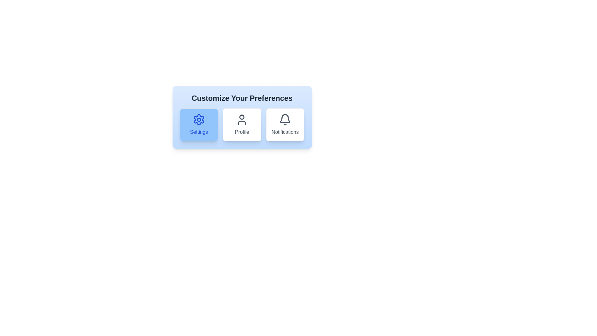 This screenshot has height=336, width=597. Describe the element at coordinates (242, 125) in the screenshot. I see `keyboard navigation` at that location.